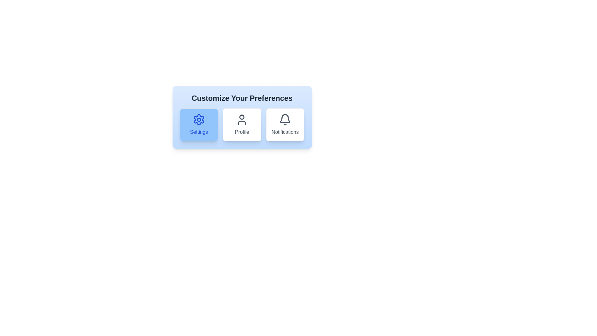 This screenshot has height=336, width=597. Describe the element at coordinates (242, 125) in the screenshot. I see `keyboard navigation` at that location.